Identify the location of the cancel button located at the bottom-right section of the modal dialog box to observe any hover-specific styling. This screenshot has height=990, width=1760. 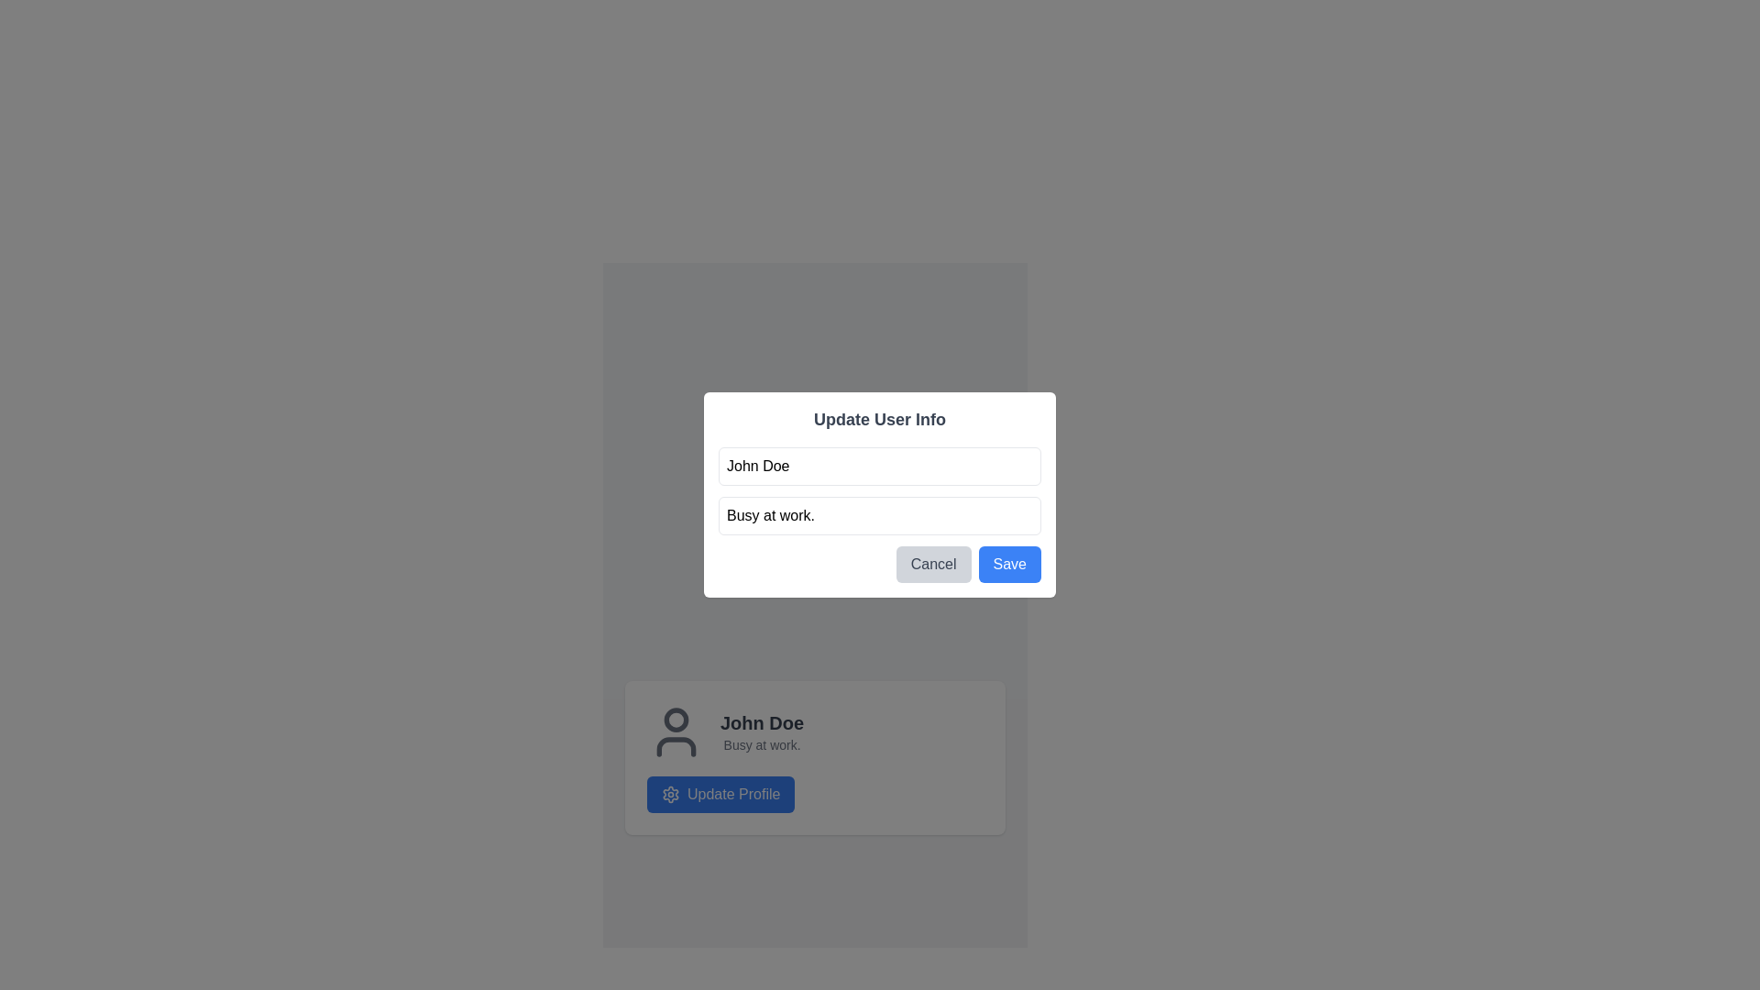
(933, 564).